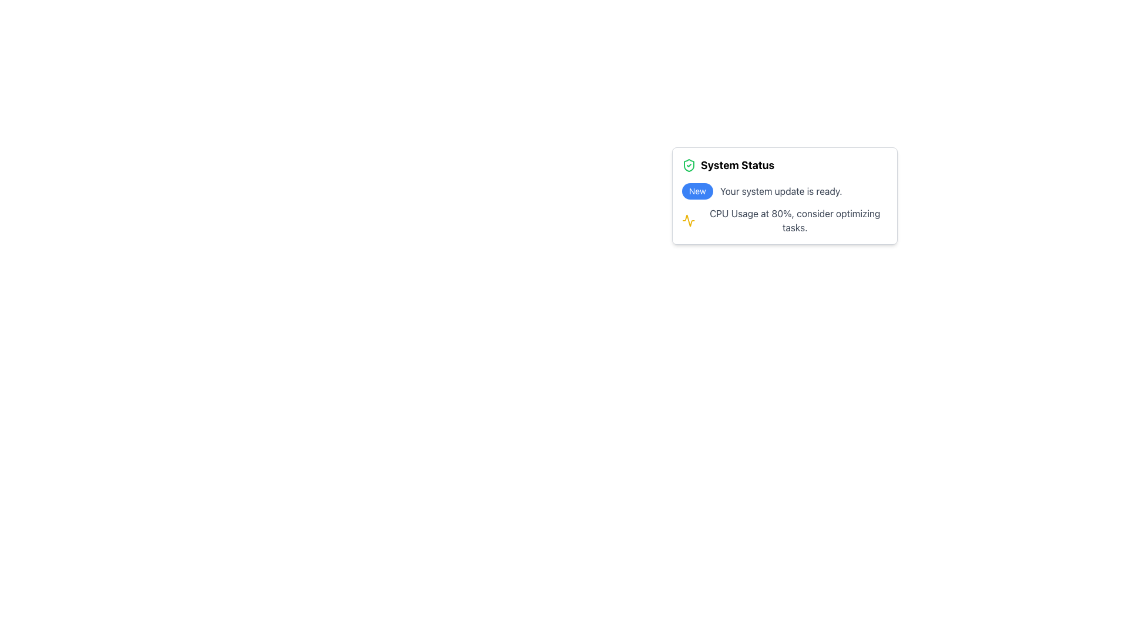  What do you see at coordinates (689, 165) in the screenshot?
I see `the visual indicator icon representing security or validation located to the immediate left of the 'System Status' heading` at bounding box center [689, 165].